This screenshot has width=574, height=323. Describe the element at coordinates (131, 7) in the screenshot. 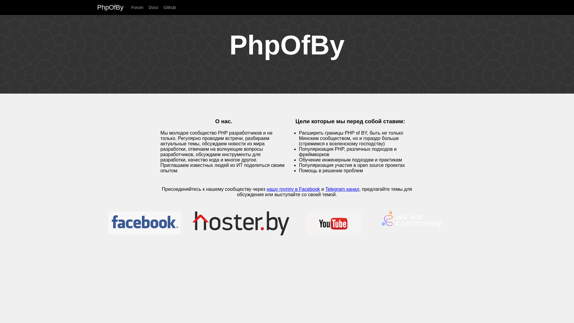

I see `'Forum'` at that location.